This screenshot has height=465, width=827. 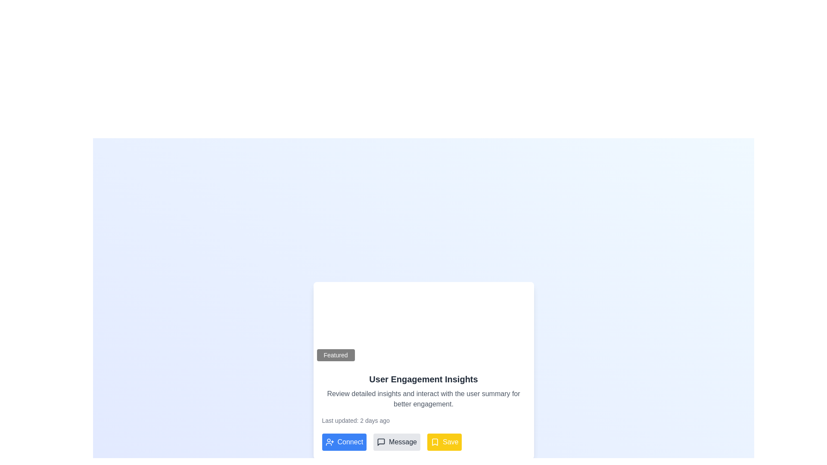 I want to click on the 'Save' button located at the bottom right corner of the card layout, so click(x=450, y=442).